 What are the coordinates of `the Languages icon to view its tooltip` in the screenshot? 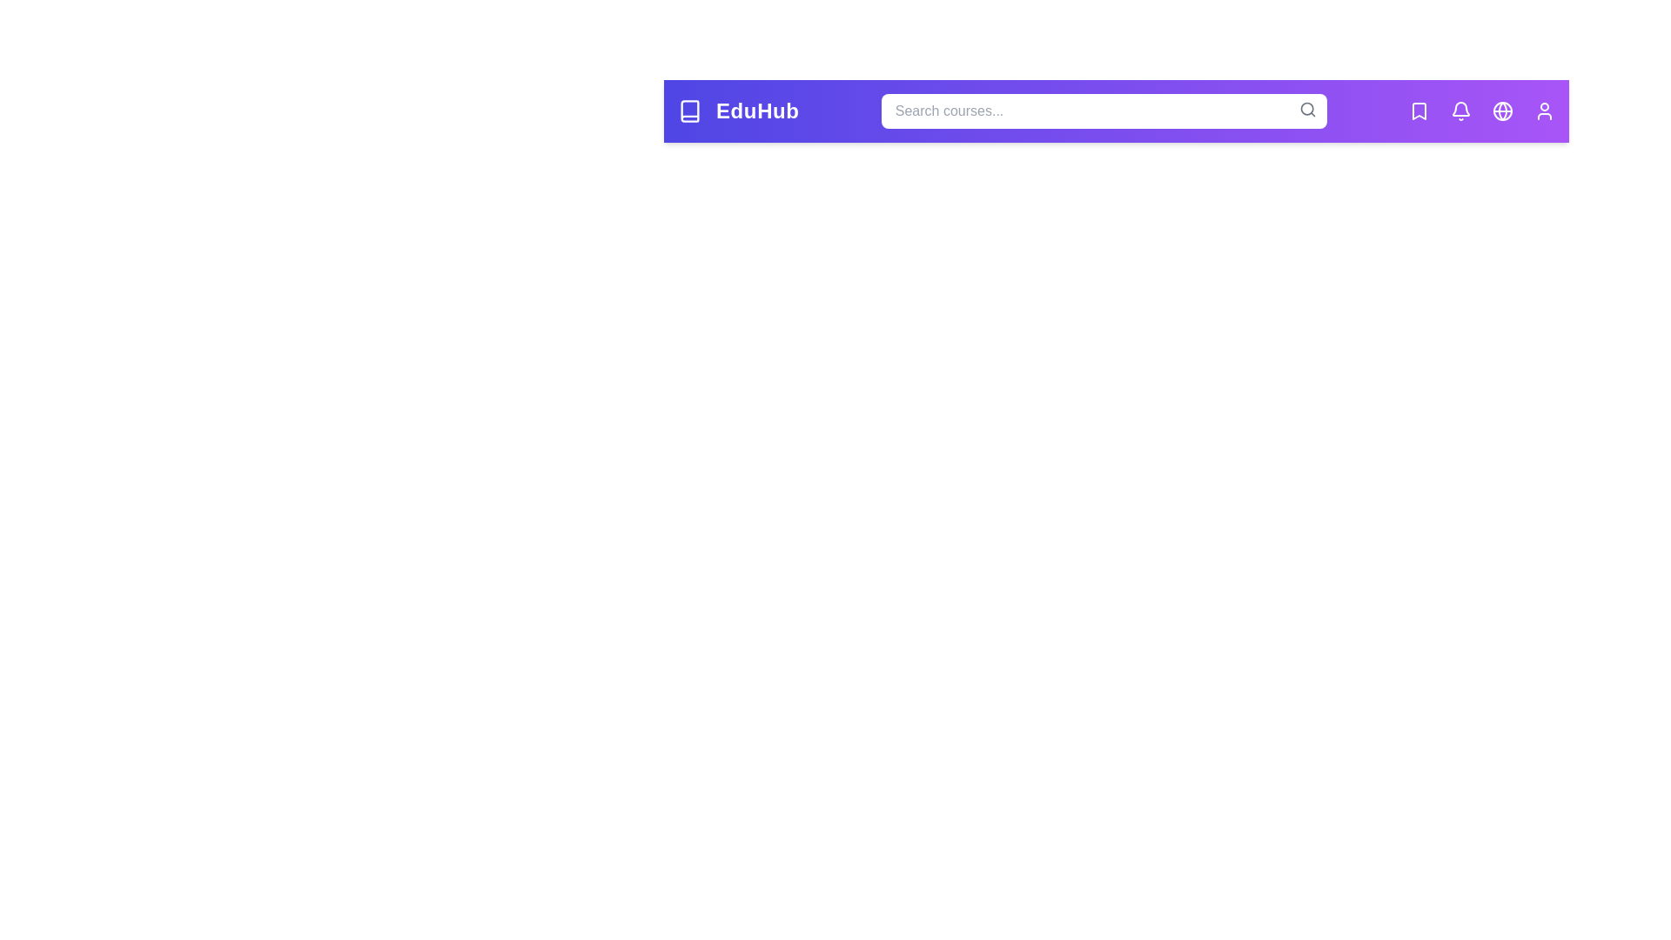 It's located at (1502, 111).